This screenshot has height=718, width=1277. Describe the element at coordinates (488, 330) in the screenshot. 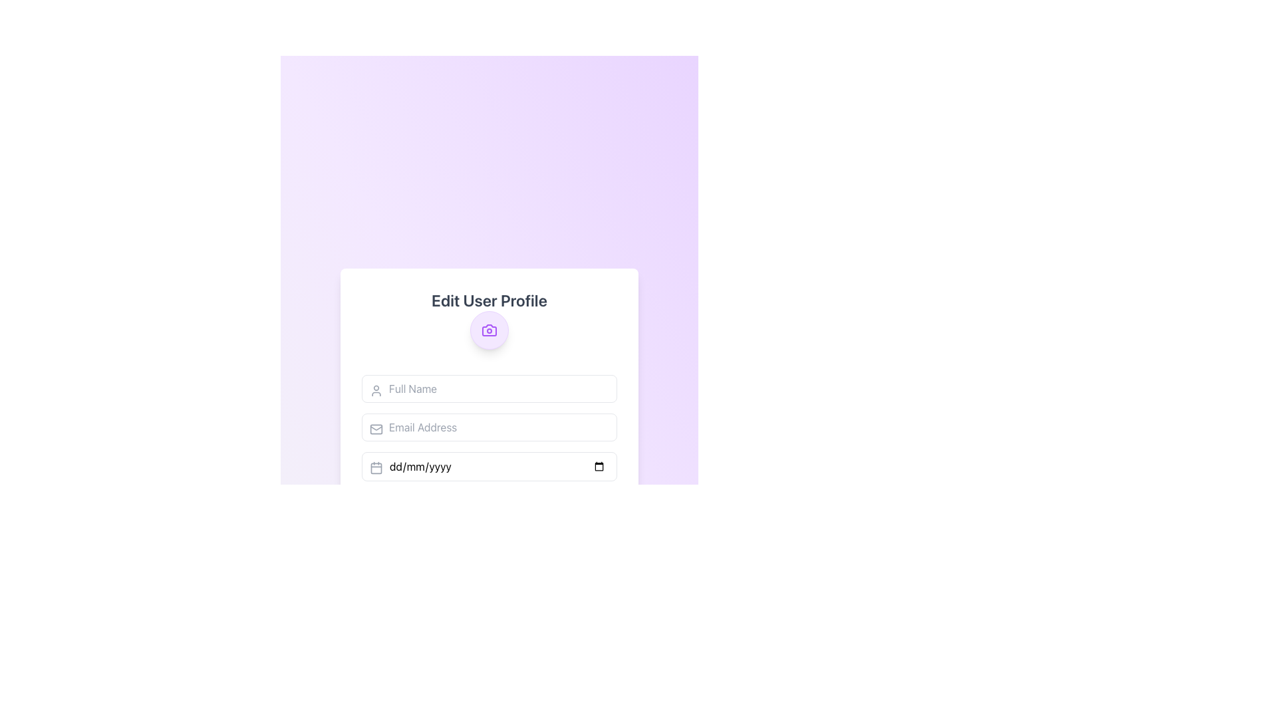

I see `the circular camera icon button with a light purple background` at that location.